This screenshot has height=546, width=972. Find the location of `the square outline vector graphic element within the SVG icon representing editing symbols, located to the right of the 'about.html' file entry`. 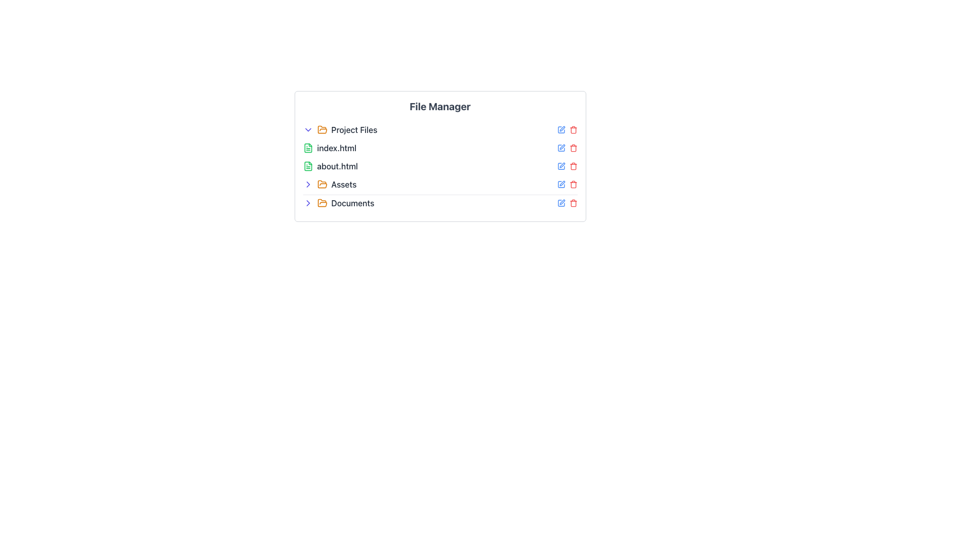

the square outline vector graphic element within the SVG icon representing editing symbols, located to the right of the 'about.html' file entry is located at coordinates (560, 165).